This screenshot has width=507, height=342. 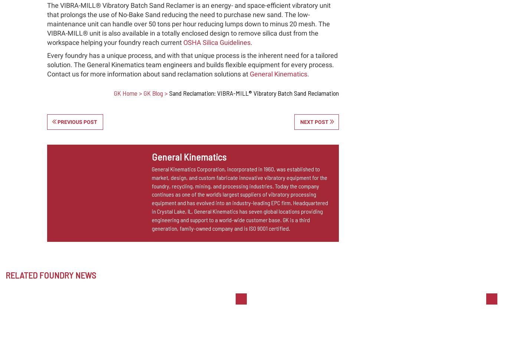 I want to click on 'Sand Reclamation: VIBRA-MILL® Vibratory Batch Sand Reclamation', so click(x=169, y=92).